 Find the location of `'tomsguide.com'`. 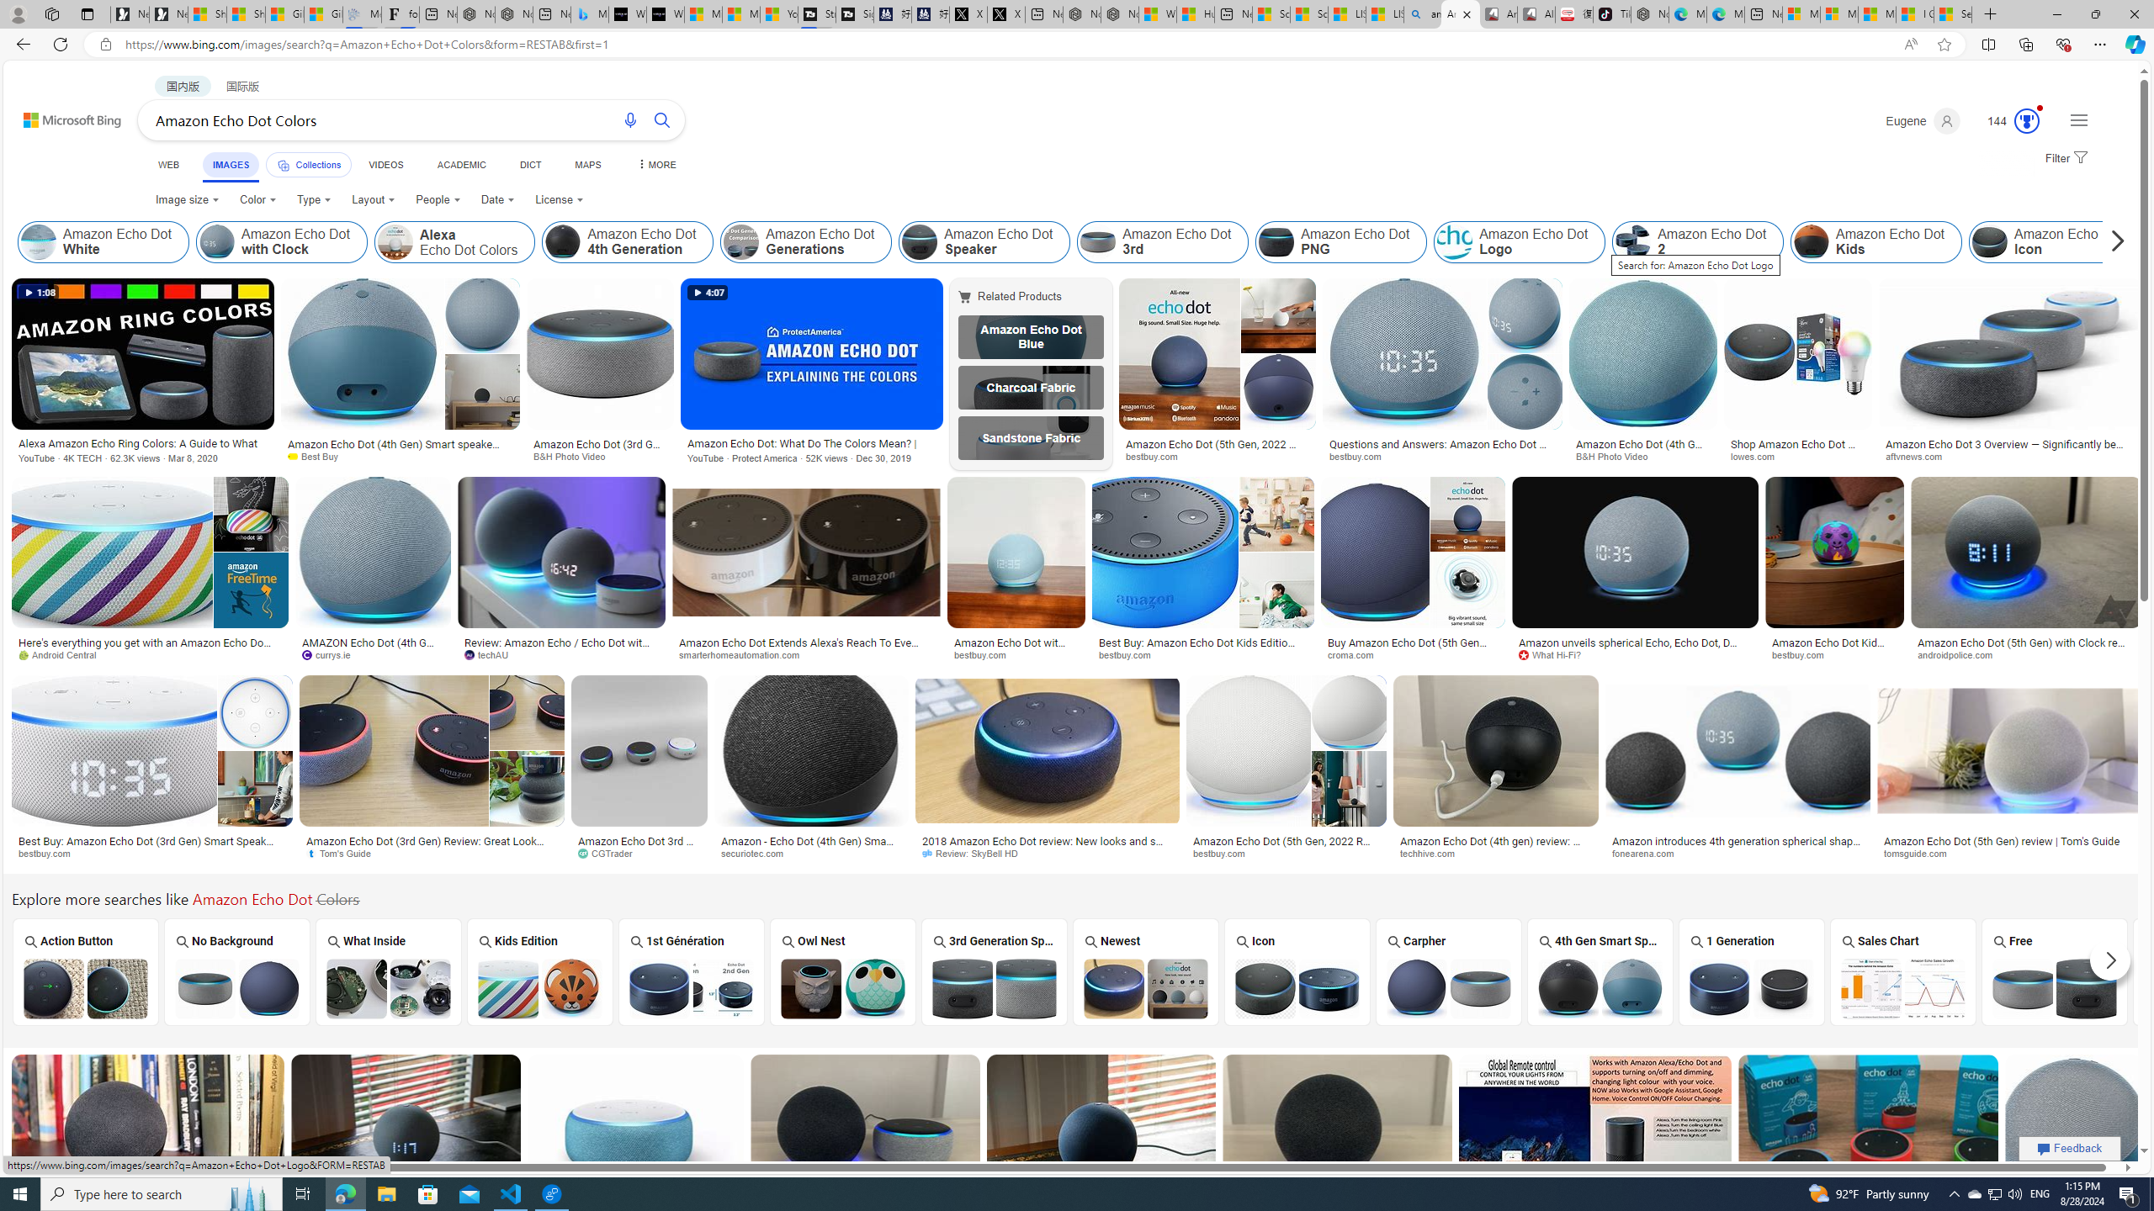

'tomsguide.com' is located at coordinates (1920, 853).